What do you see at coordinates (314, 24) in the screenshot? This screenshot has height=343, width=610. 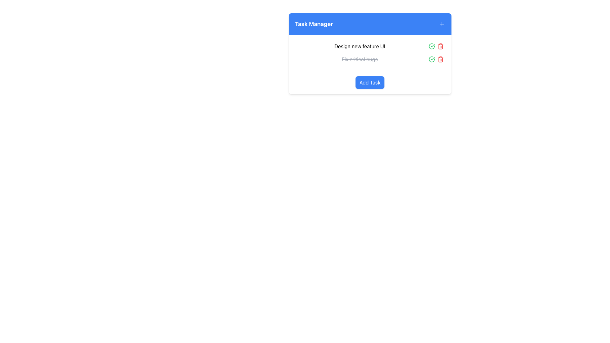 I see `the 'Task Manager' text label located in the upper left corner of the blue header bar, positioned to the left of the plus icon` at bounding box center [314, 24].